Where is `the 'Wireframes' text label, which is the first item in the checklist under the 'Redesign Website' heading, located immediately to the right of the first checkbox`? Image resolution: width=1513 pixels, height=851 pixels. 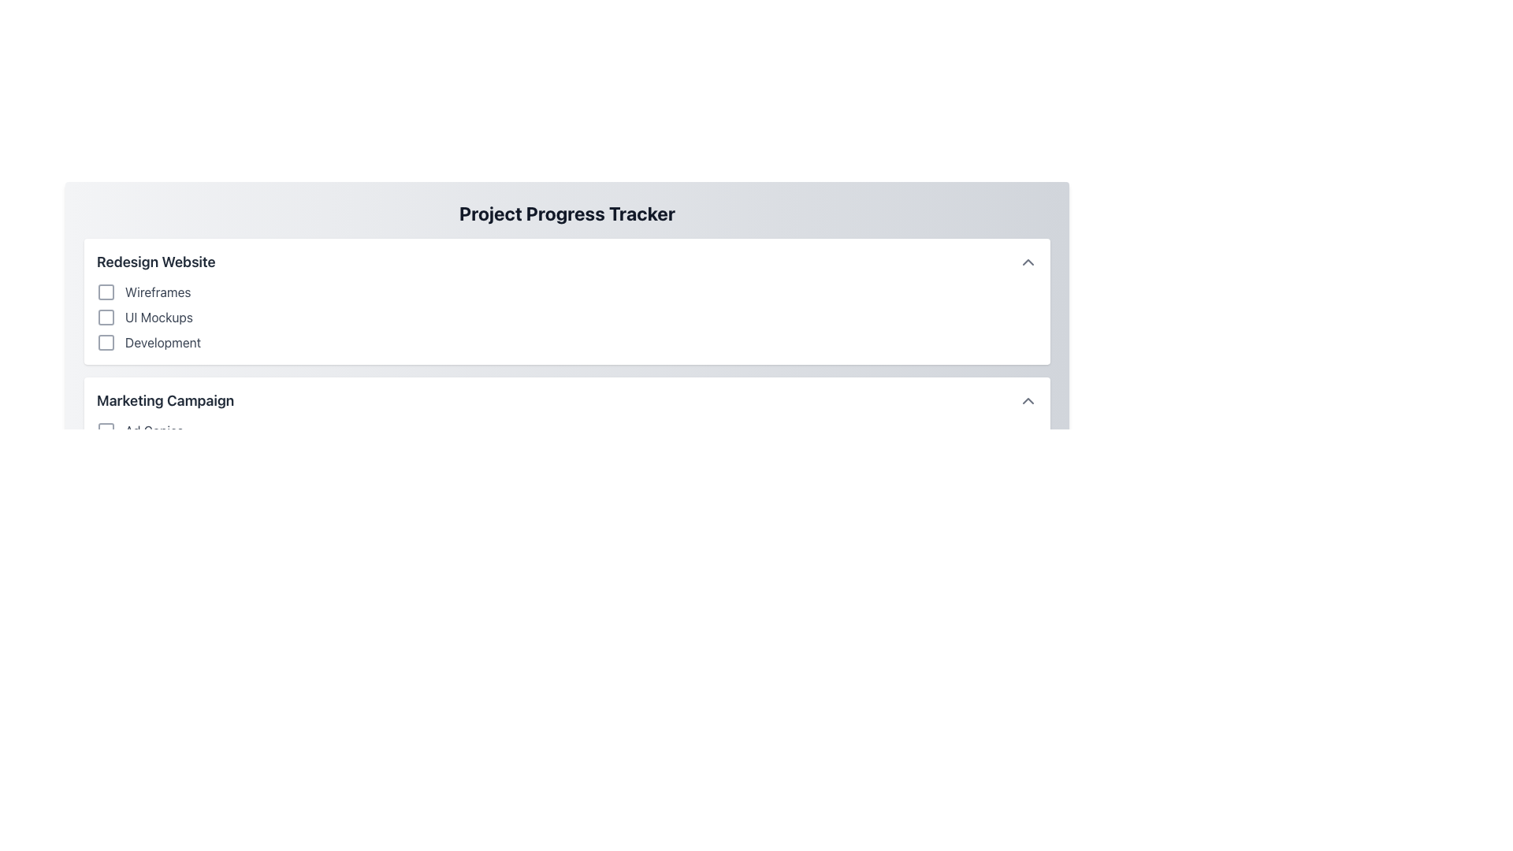 the 'Wireframes' text label, which is the first item in the checklist under the 'Redesign Website' heading, located immediately to the right of the first checkbox is located at coordinates (158, 292).